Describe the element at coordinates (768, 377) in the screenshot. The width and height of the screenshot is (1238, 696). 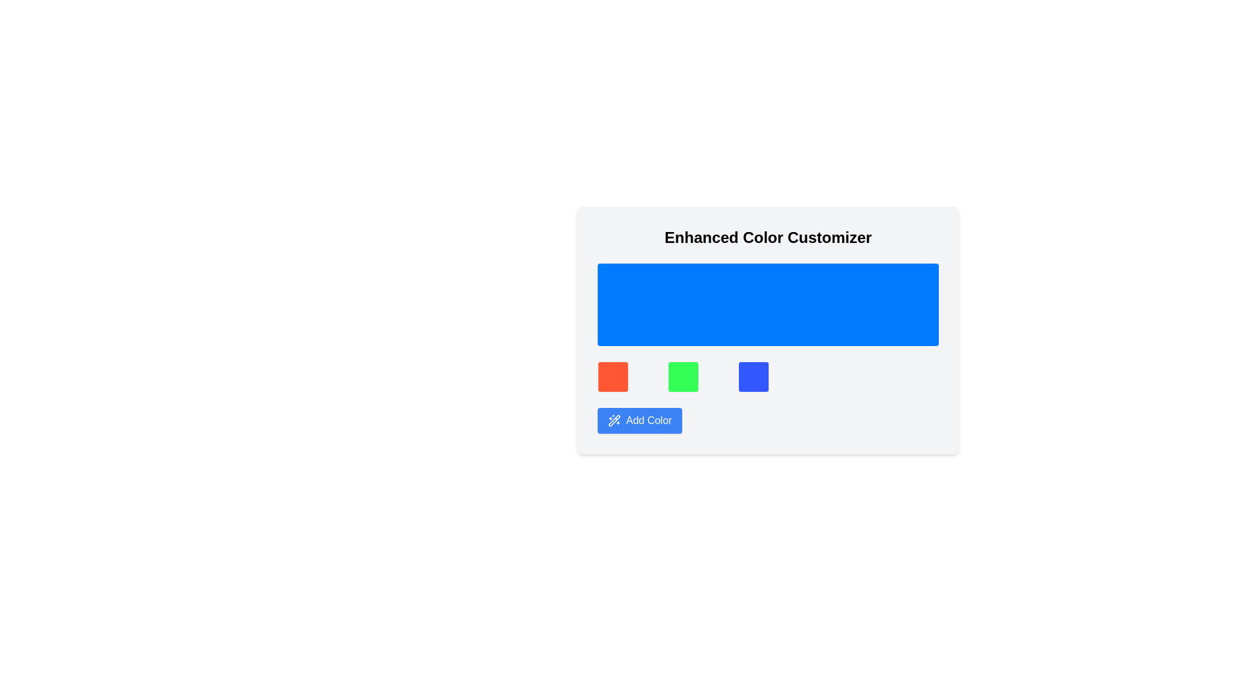
I see `the third square in the grid layout of selectable color options` at that location.